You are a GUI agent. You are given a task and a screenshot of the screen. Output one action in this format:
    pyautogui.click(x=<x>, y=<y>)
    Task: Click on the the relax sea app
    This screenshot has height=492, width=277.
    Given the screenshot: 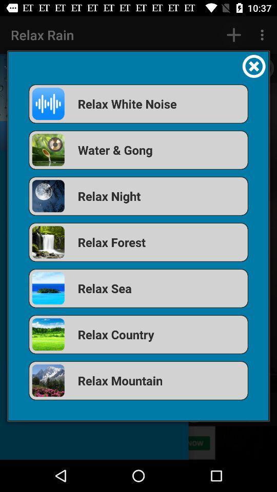 What is the action you would take?
    pyautogui.click(x=138, y=288)
    